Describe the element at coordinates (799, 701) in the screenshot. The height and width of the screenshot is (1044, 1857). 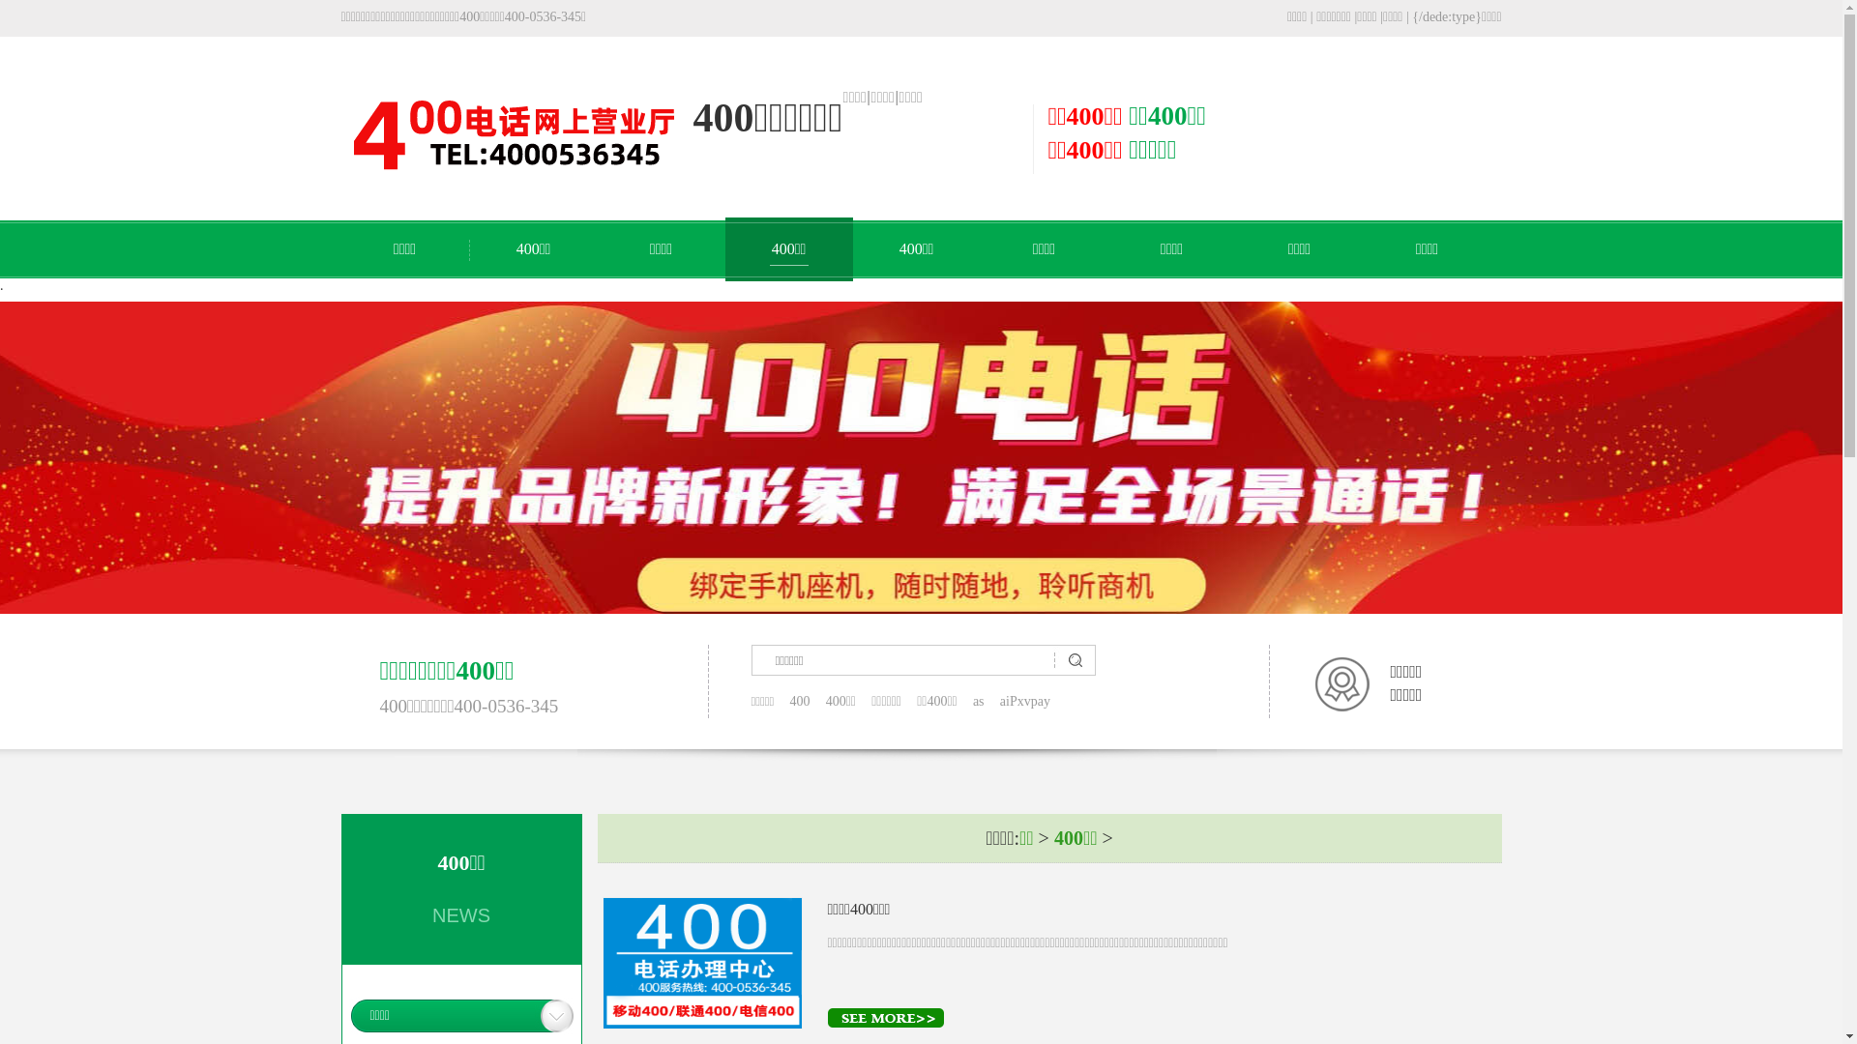
I see `'400'` at that location.